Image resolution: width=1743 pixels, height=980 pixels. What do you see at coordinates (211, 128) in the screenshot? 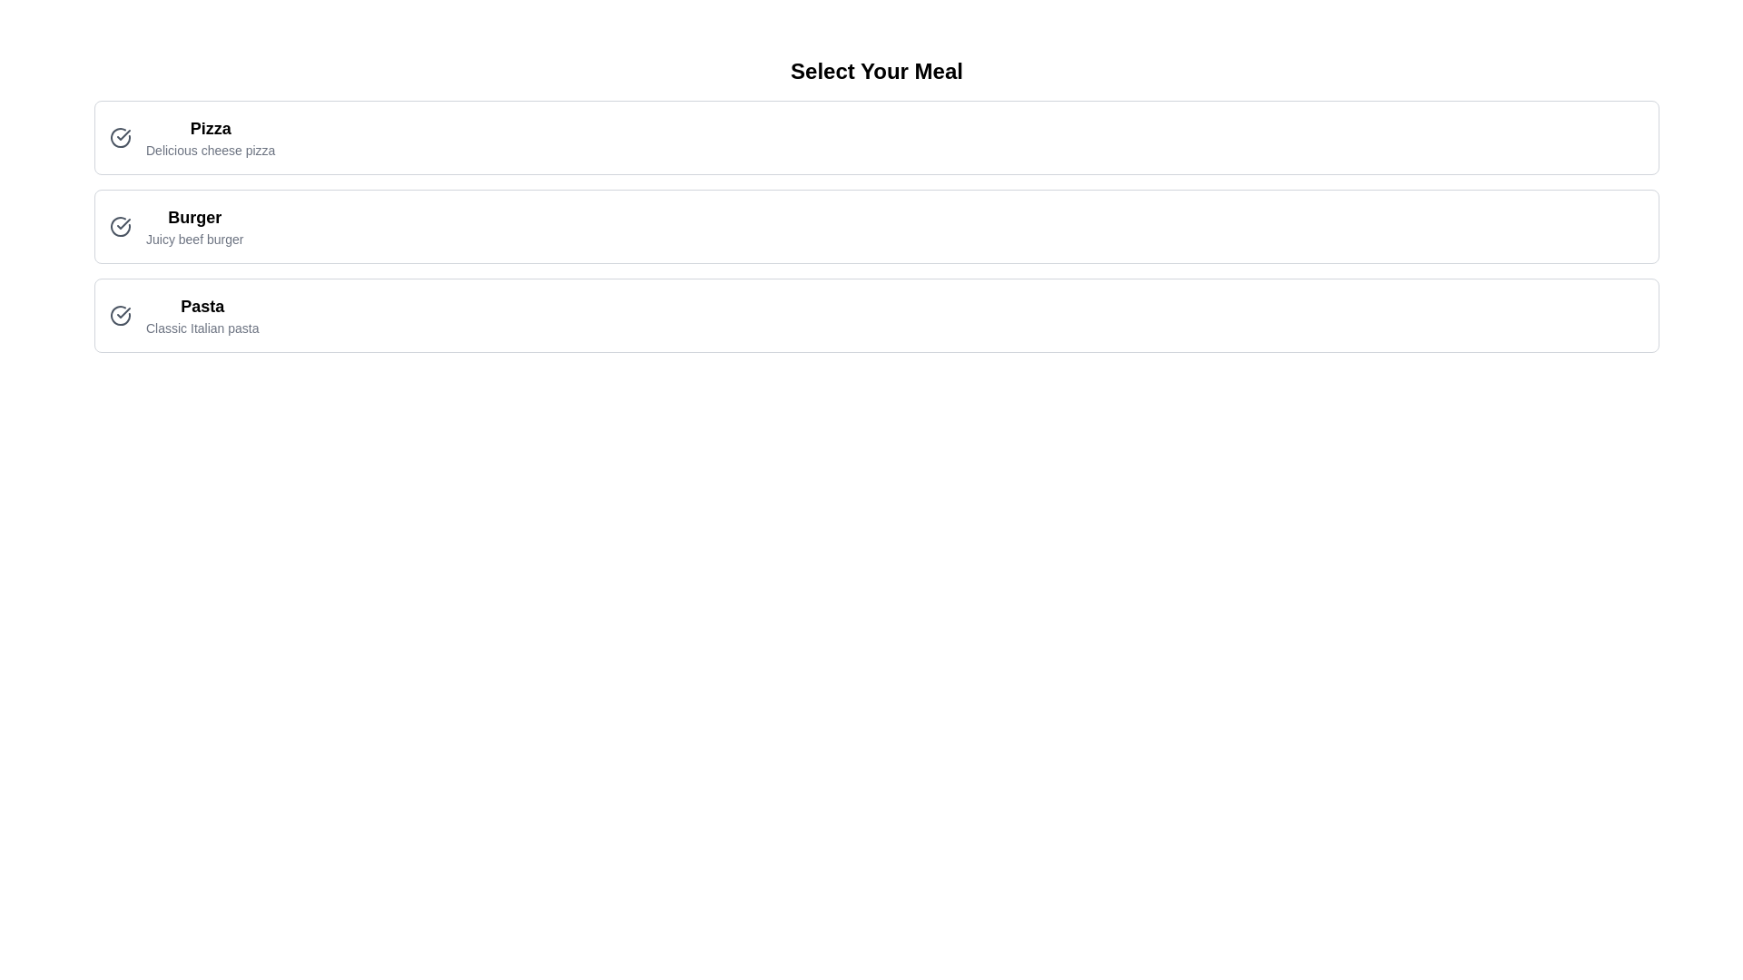
I see `the text label displaying 'Pizza', which is prominently styled as a title in a menu interface` at bounding box center [211, 128].